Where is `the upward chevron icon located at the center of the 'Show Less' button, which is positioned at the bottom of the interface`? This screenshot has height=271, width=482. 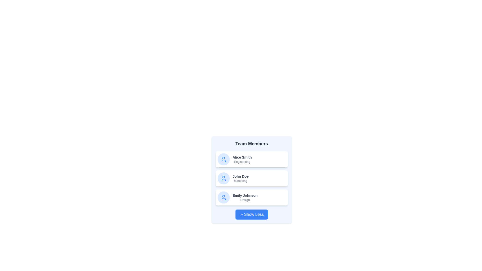 the upward chevron icon located at the center of the 'Show Less' button, which is positioned at the bottom of the interface is located at coordinates (242, 215).